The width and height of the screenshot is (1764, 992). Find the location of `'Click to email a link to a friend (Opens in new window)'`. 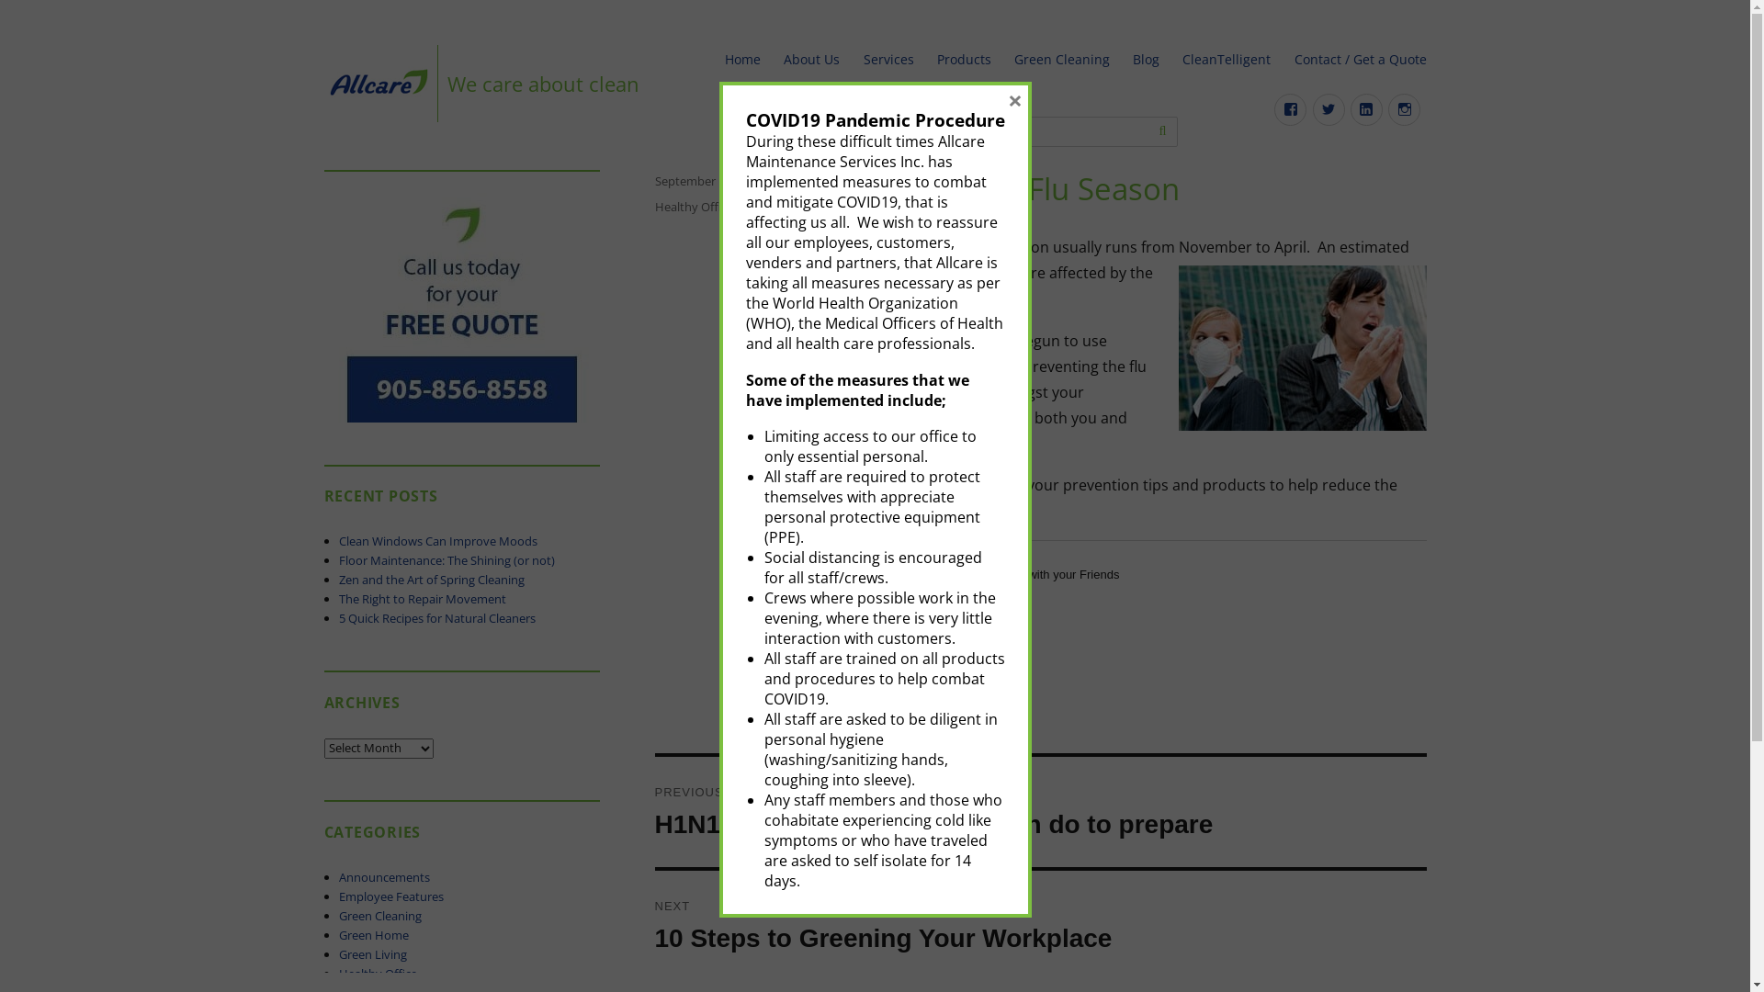

'Click to email a link to a friend (Opens in new window)' is located at coordinates (961, 608).